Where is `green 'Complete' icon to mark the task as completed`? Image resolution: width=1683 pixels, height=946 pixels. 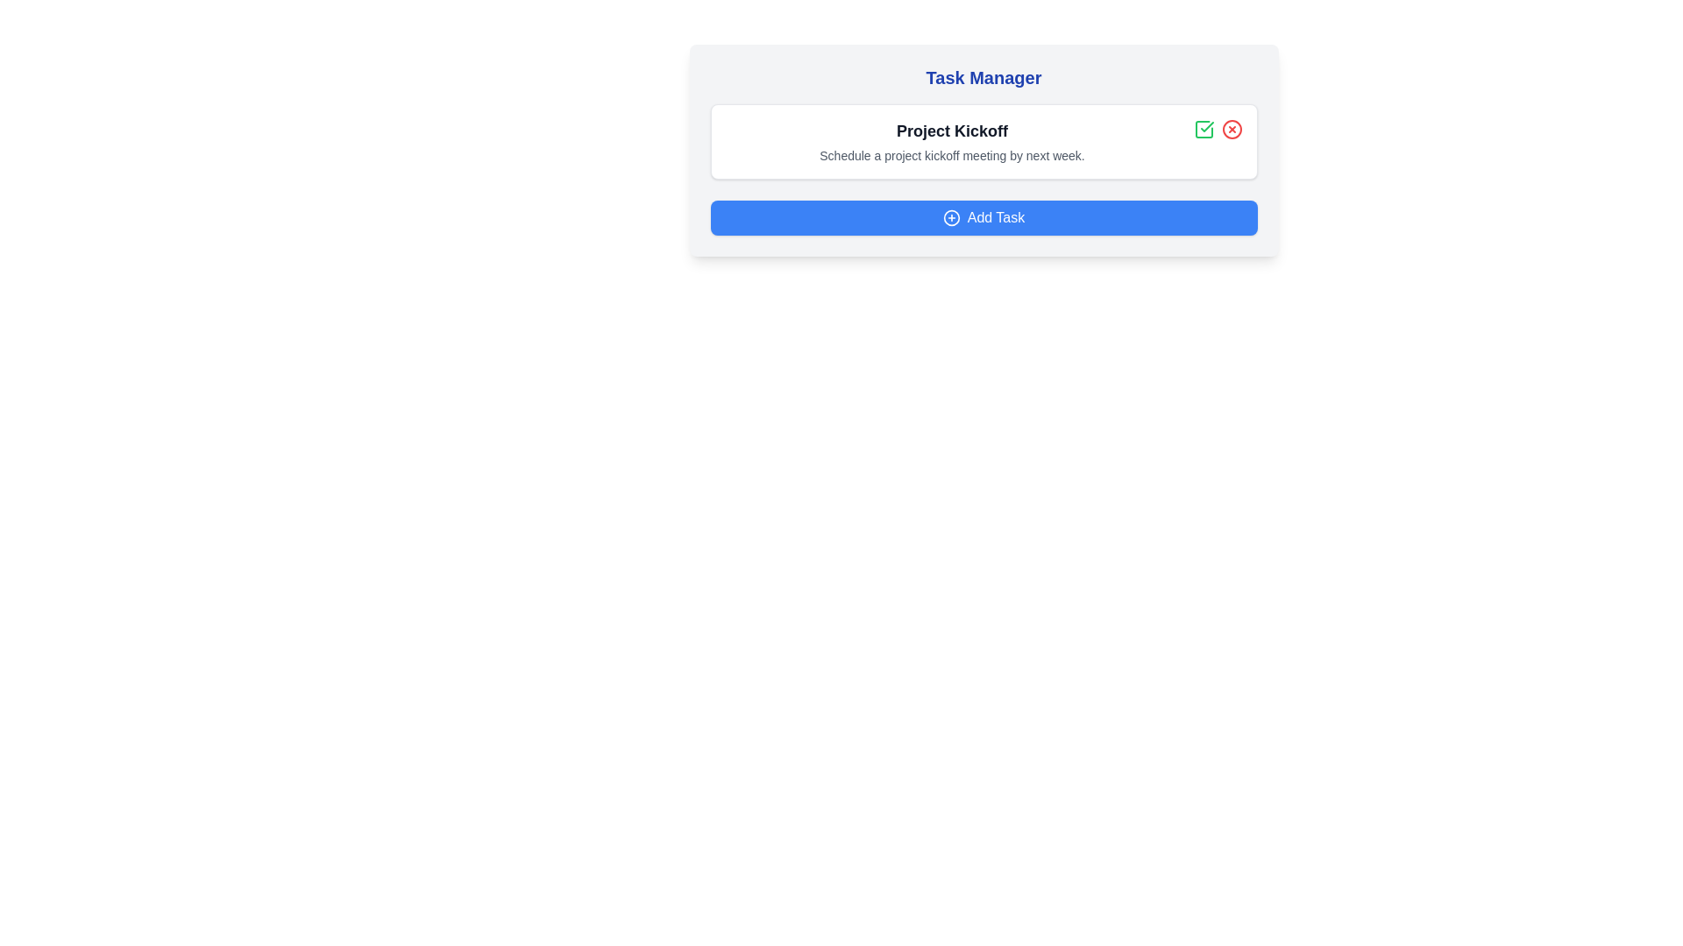
green 'Complete' icon to mark the task as completed is located at coordinates (1203, 128).